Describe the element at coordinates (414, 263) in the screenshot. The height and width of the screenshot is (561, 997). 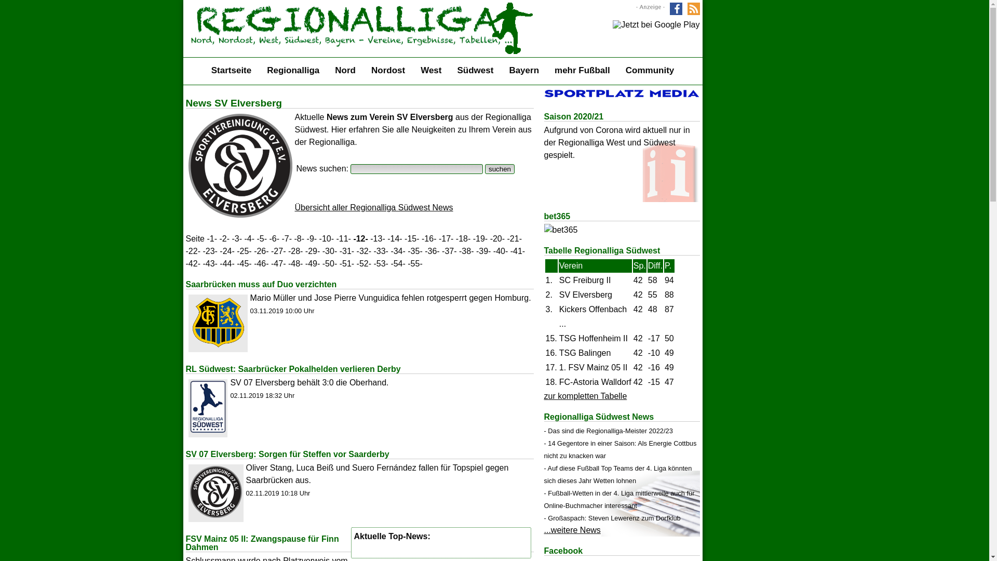
I see `'-55-'` at that location.